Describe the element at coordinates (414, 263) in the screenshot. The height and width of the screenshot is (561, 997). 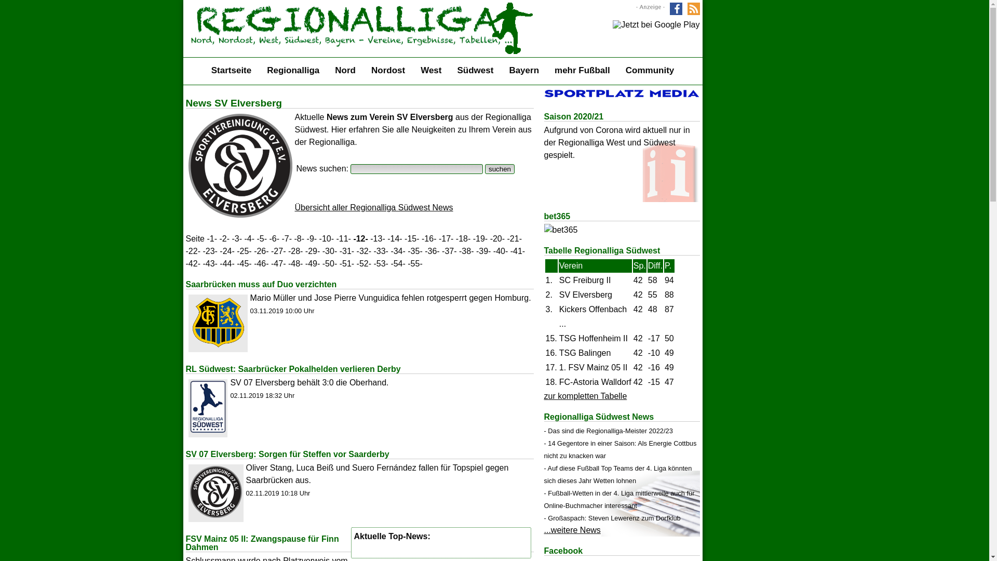
I see `'-55-'` at that location.